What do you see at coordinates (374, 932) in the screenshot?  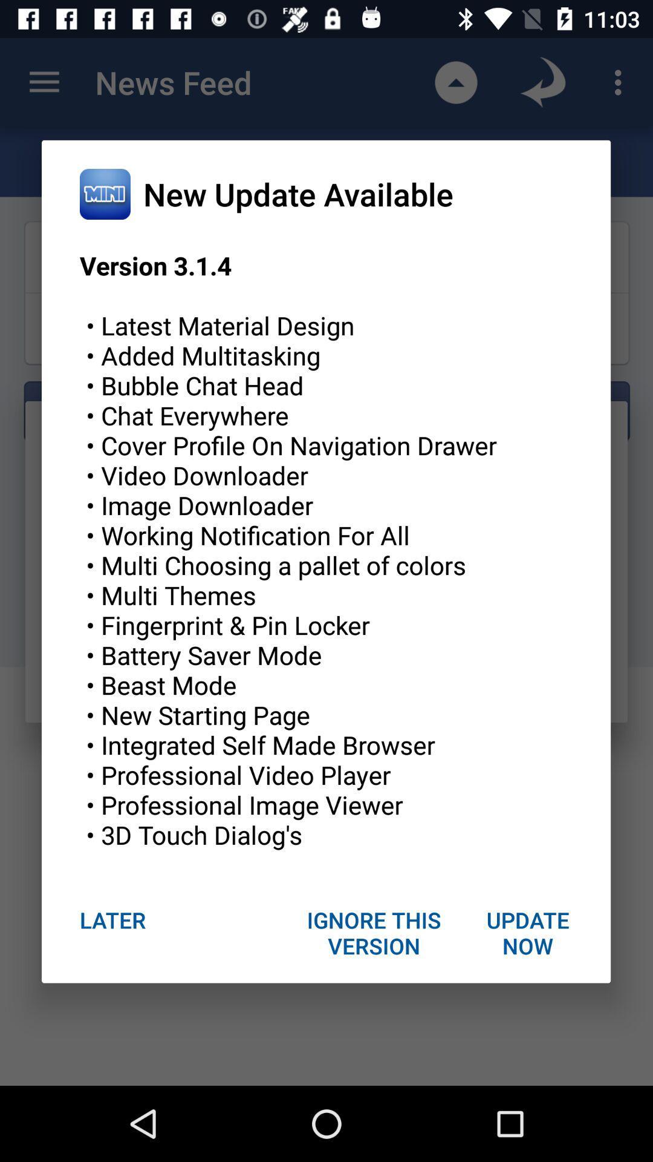 I see `icon below the version 3 1 icon` at bounding box center [374, 932].